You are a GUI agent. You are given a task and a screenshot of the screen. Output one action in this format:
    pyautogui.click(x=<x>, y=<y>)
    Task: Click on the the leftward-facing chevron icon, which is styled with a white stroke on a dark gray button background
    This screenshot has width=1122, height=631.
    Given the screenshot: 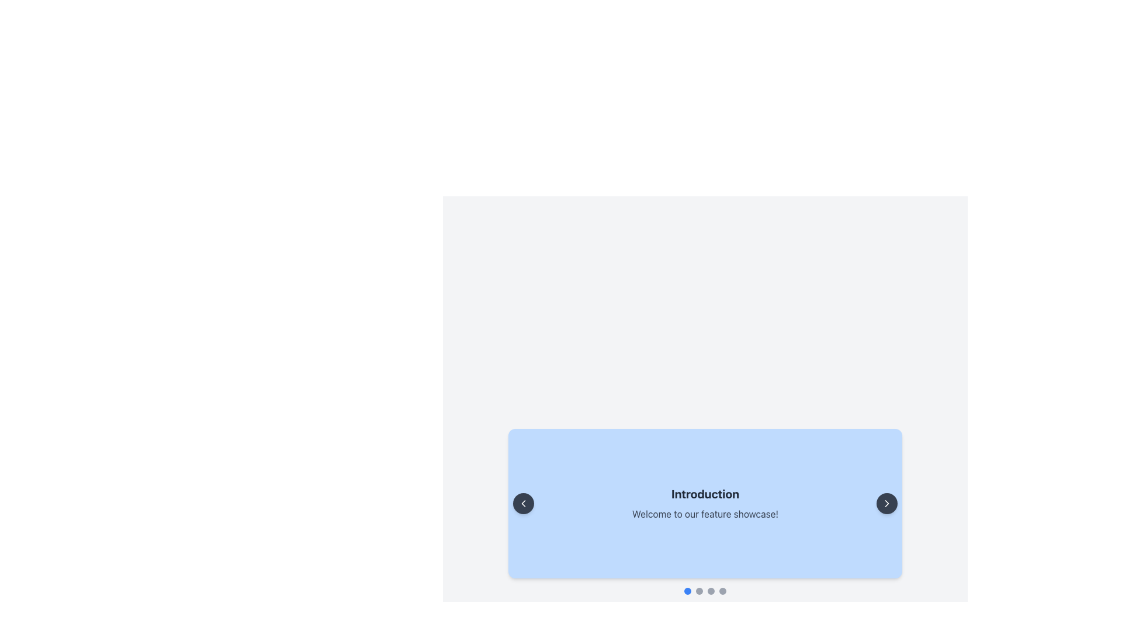 What is the action you would take?
    pyautogui.click(x=523, y=502)
    